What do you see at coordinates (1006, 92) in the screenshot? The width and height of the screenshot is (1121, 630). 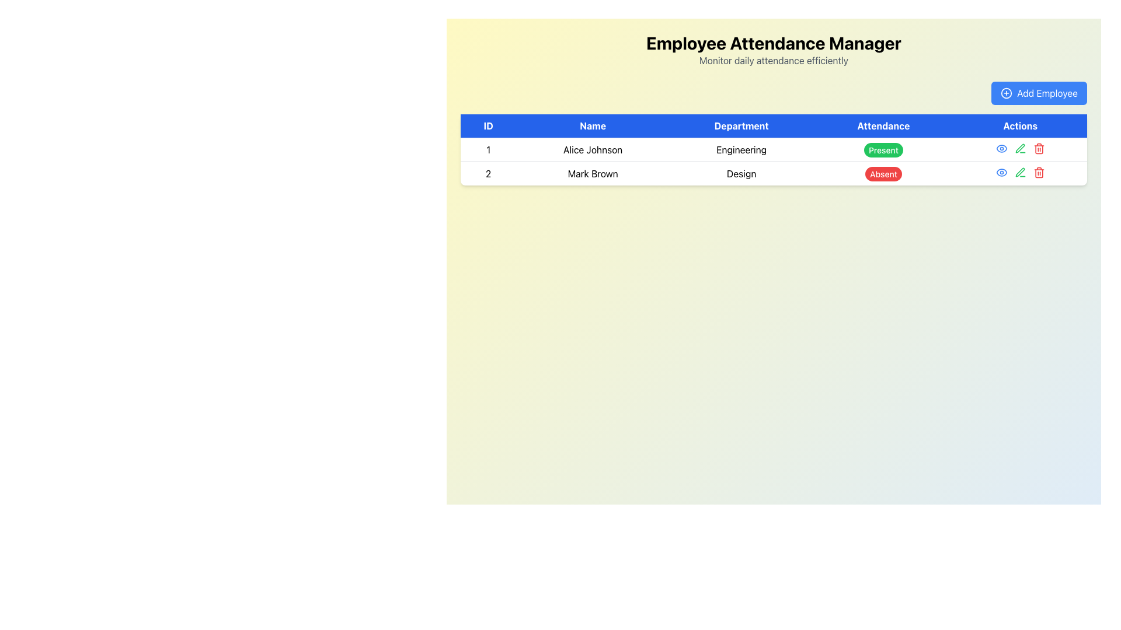 I see `the icon indicating the 'Add Employee' function located on the right side of the interface, adjacent to the button text` at bounding box center [1006, 92].